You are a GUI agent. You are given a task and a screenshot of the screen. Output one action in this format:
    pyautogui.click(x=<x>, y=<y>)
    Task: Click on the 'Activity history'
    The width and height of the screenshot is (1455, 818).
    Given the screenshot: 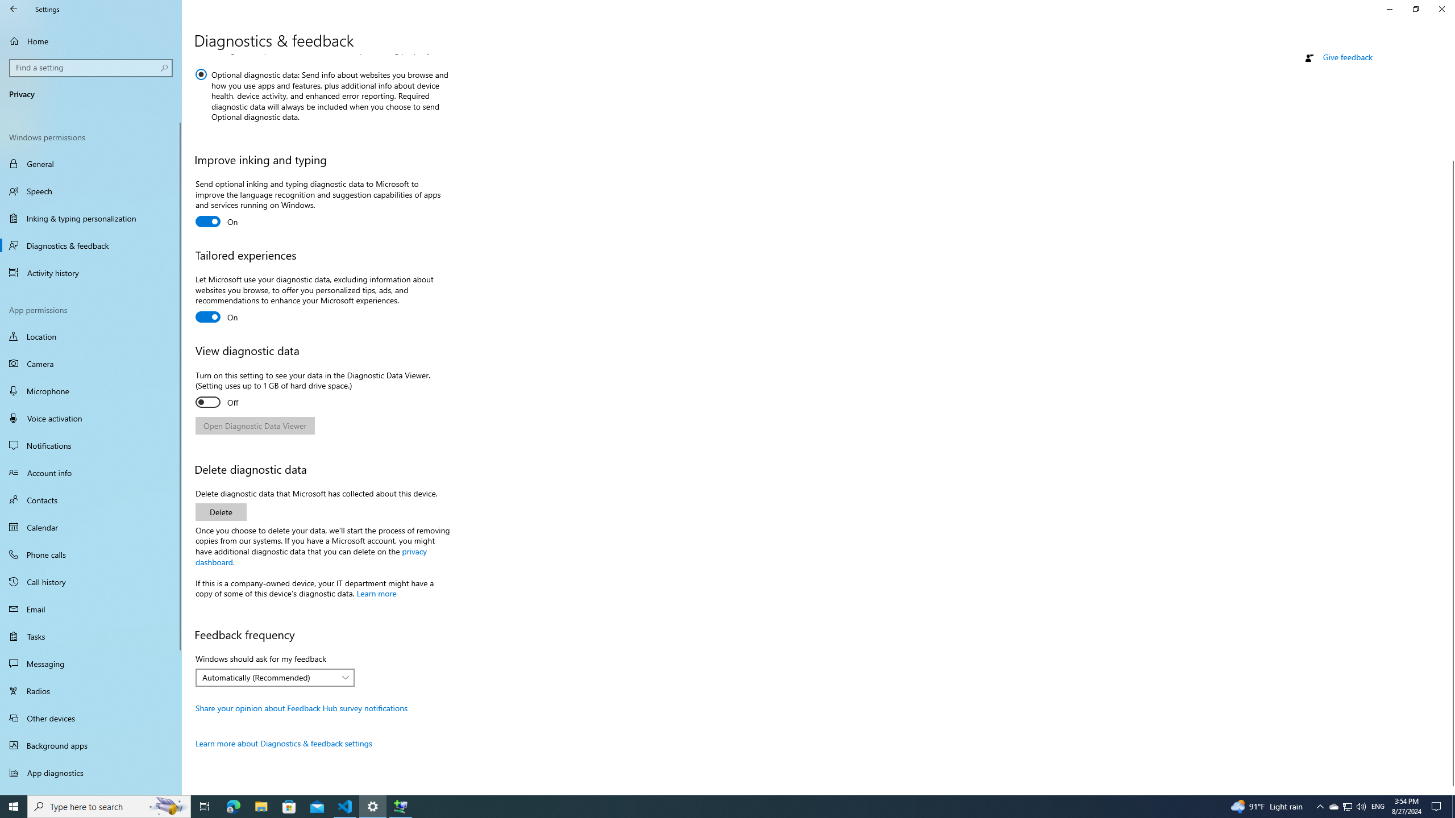 What is the action you would take?
    pyautogui.click(x=90, y=272)
    